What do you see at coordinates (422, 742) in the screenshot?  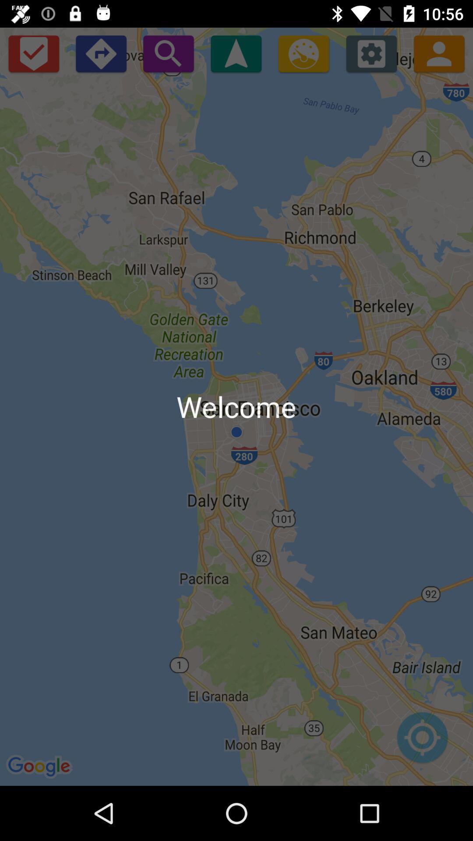 I see `spot where you are` at bounding box center [422, 742].